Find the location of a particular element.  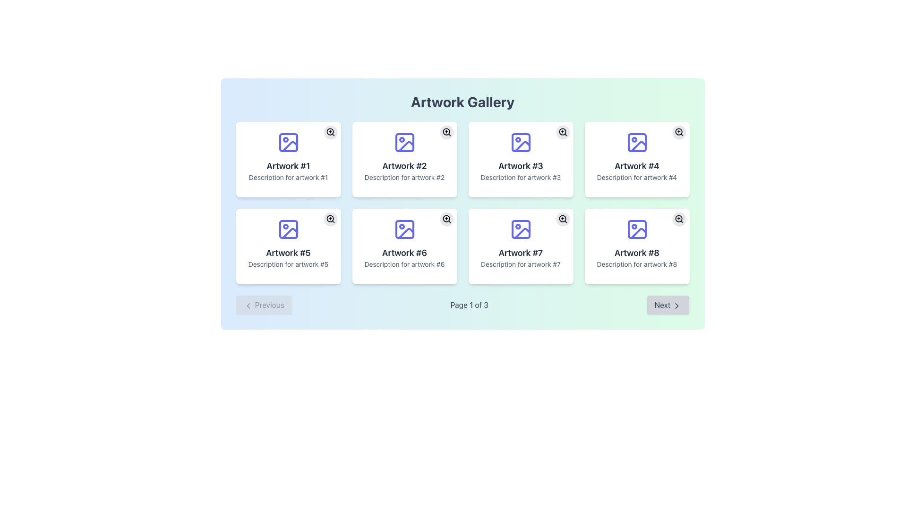

the artwork details card located in the second row and second column of the grid layout is located at coordinates (404, 246).